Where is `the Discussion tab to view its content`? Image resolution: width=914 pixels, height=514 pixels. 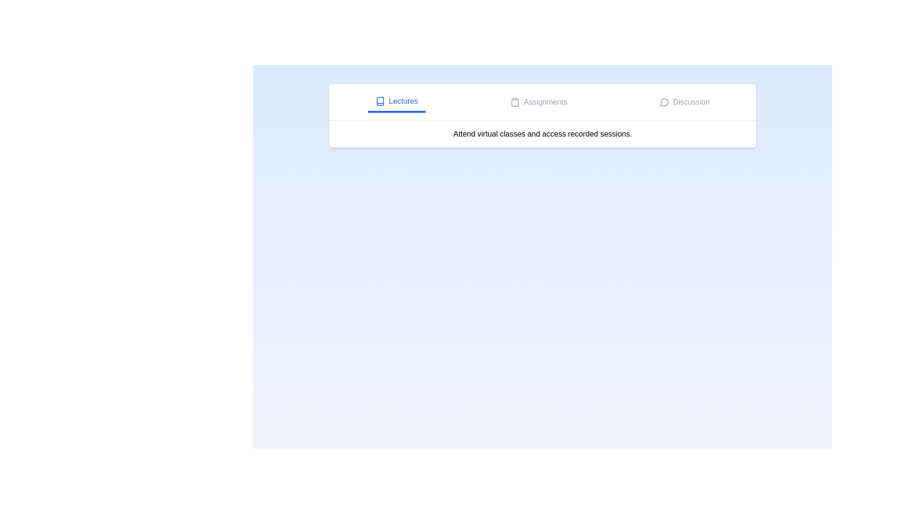 the Discussion tab to view its content is located at coordinates (684, 102).